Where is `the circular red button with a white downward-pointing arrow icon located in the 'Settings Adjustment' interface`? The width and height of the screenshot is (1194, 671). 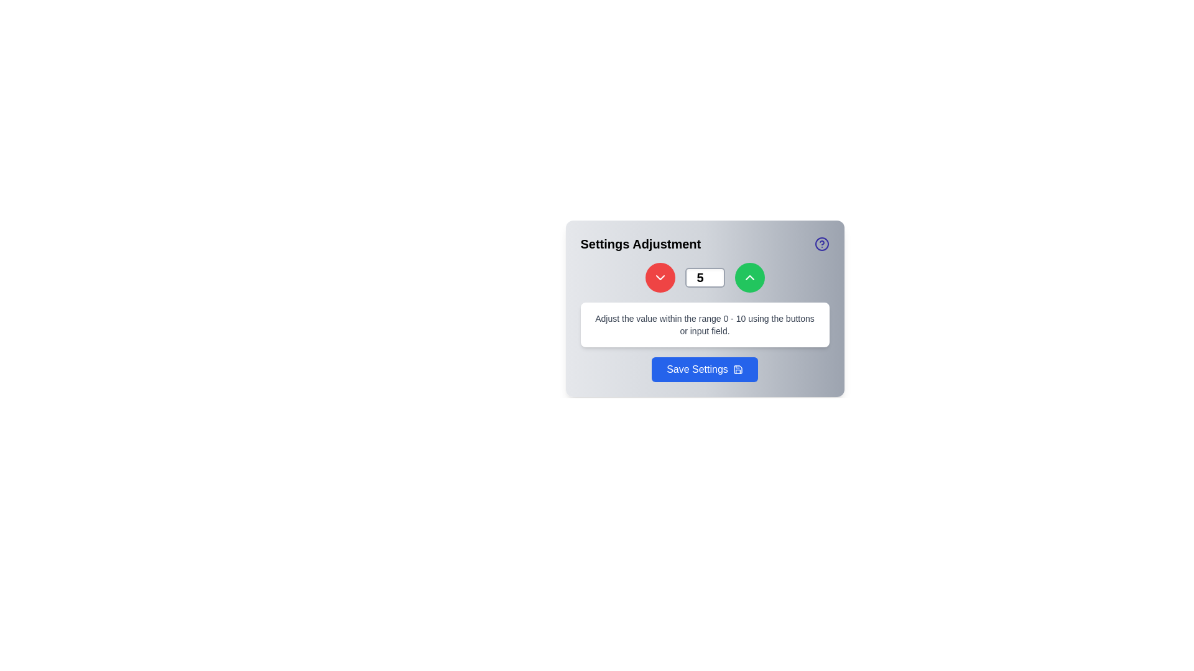 the circular red button with a white downward-pointing arrow icon located in the 'Settings Adjustment' interface is located at coordinates (659, 277).